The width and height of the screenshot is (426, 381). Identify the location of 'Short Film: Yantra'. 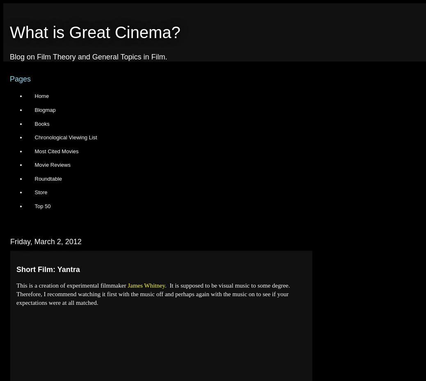
(47, 269).